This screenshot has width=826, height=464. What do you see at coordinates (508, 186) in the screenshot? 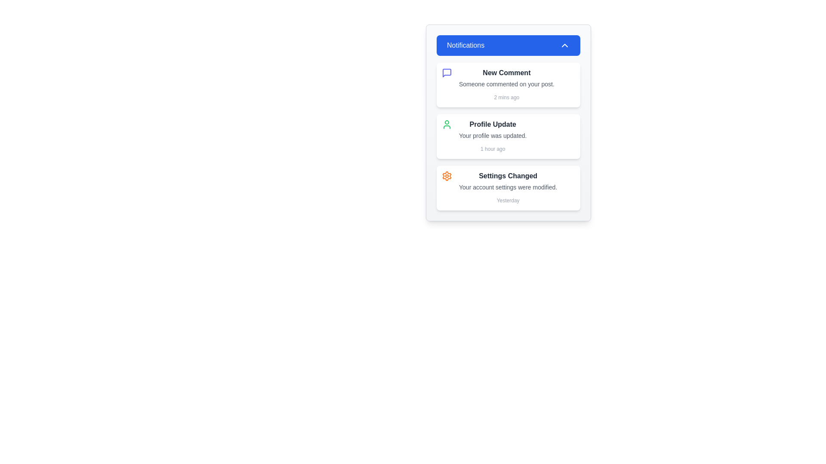
I see `the descriptive text in the notification card that informs the user about their account settings being modified, located under the title 'Settings Changed.'` at bounding box center [508, 186].